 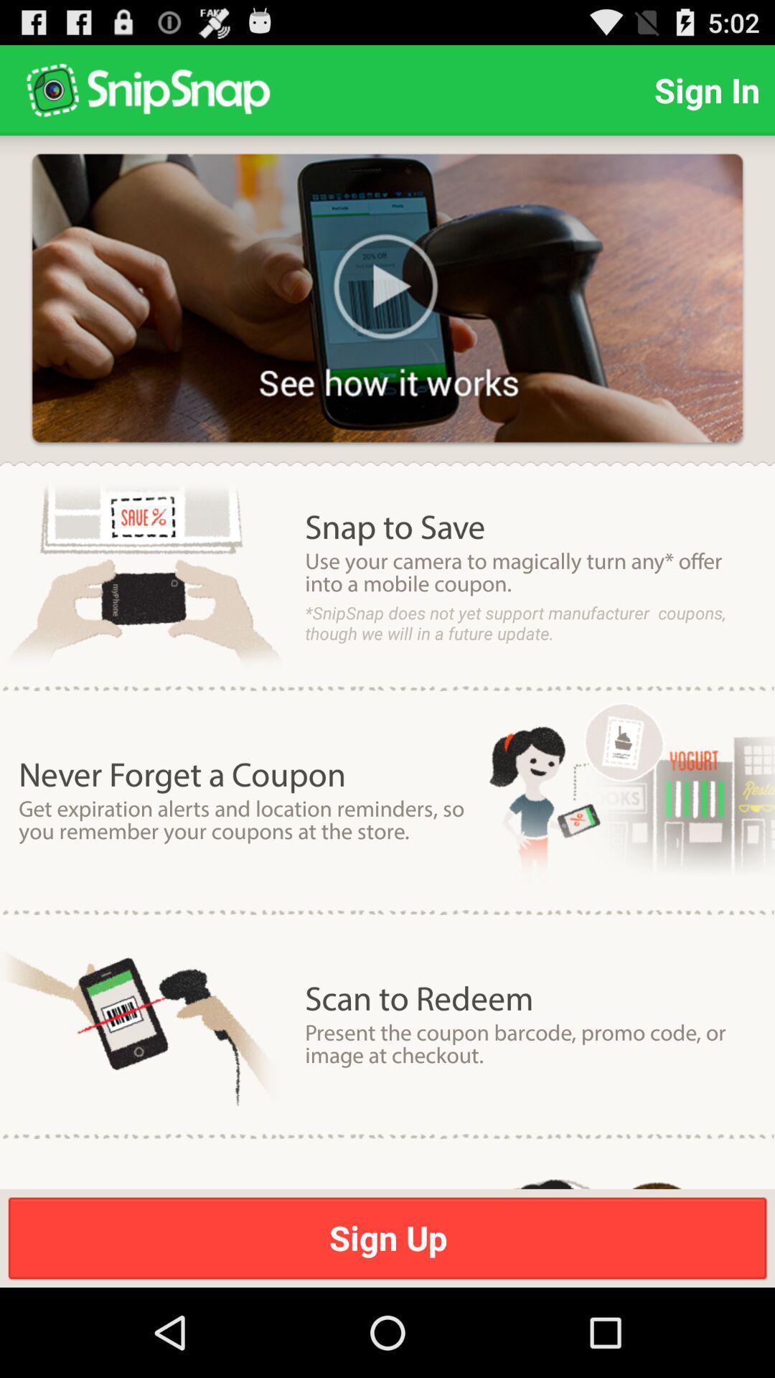 I want to click on sign in, so click(x=706, y=89).